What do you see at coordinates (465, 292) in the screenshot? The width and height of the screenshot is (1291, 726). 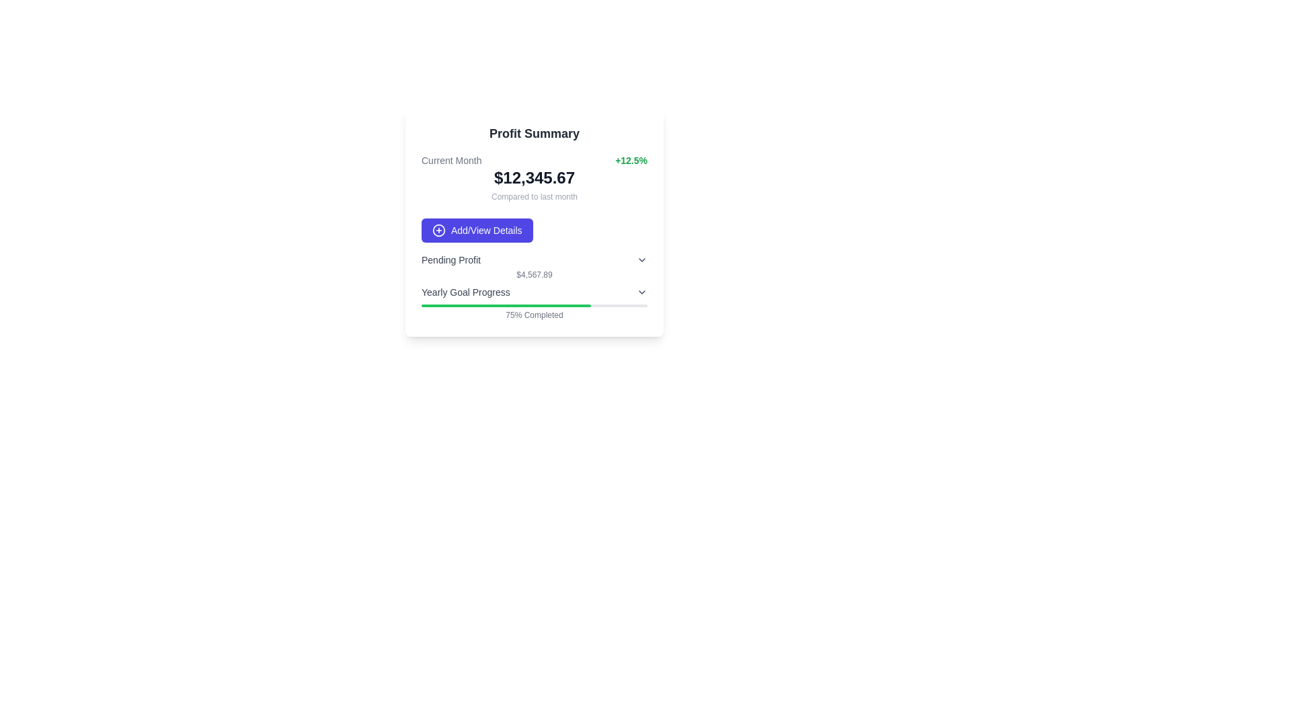 I see `the static text label displaying 'Yearly Goal Progress' in gray font, located below 'Pending Profit' and above the progress bar in the 'Profit Summary' panel` at bounding box center [465, 292].